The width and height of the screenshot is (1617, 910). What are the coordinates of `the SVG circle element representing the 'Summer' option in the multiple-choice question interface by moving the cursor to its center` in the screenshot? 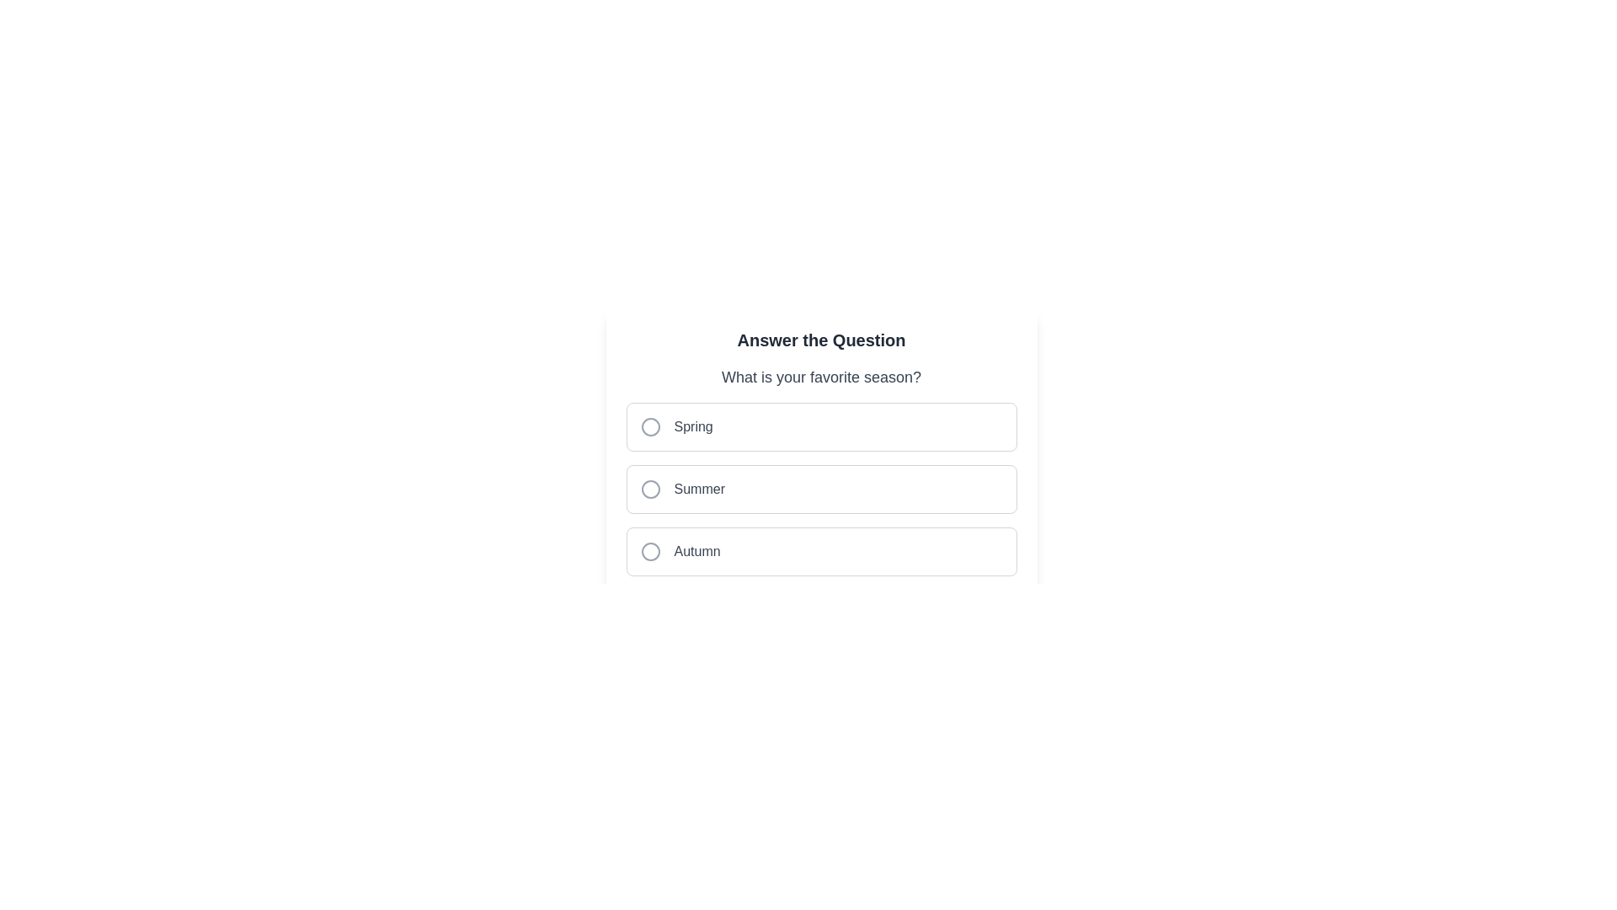 It's located at (649, 490).